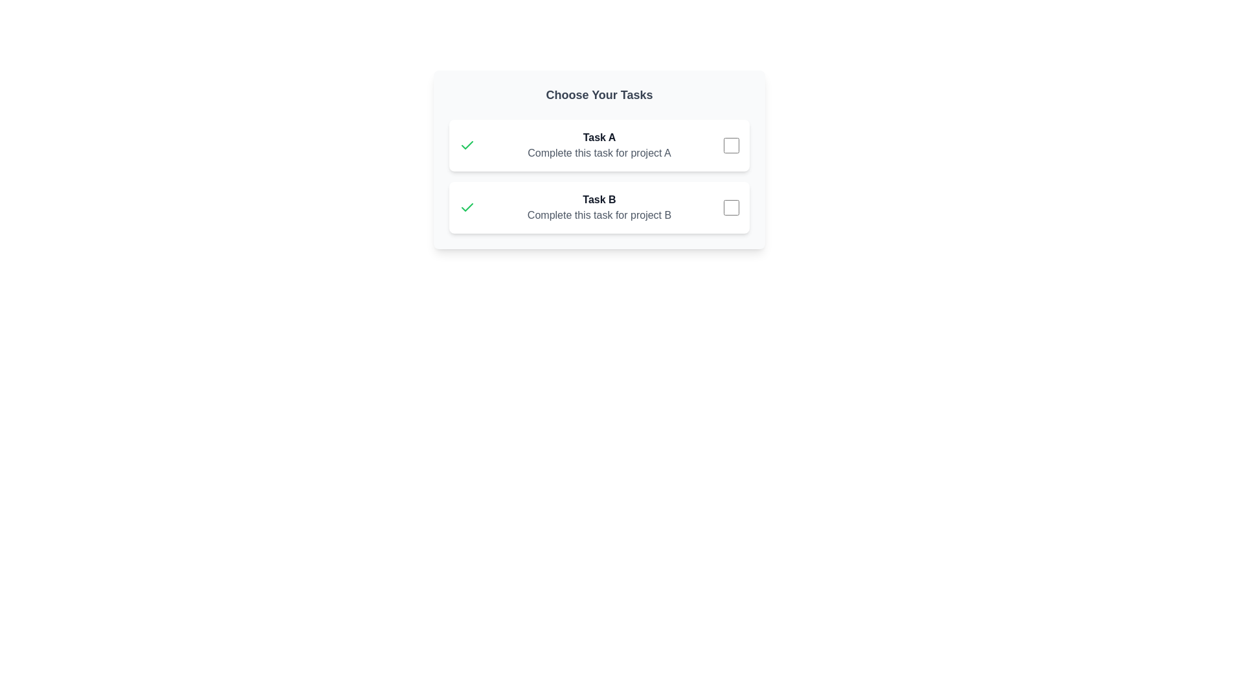 Image resolution: width=1243 pixels, height=699 pixels. What do you see at coordinates (731, 206) in the screenshot?
I see `the checkbox with a blue border located at the far right of the task description section labeled 'Task B'` at bounding box center [731, 206].